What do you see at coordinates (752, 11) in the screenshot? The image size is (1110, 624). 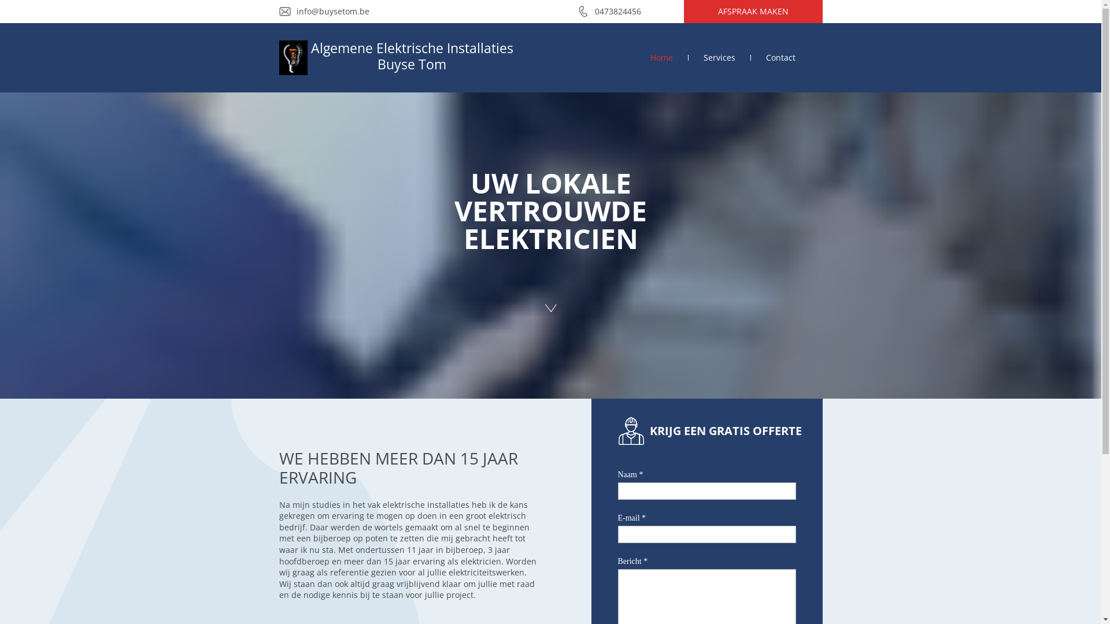 I see `'AFSPRAAK MAKEN'` at bounding box center [752, 11].